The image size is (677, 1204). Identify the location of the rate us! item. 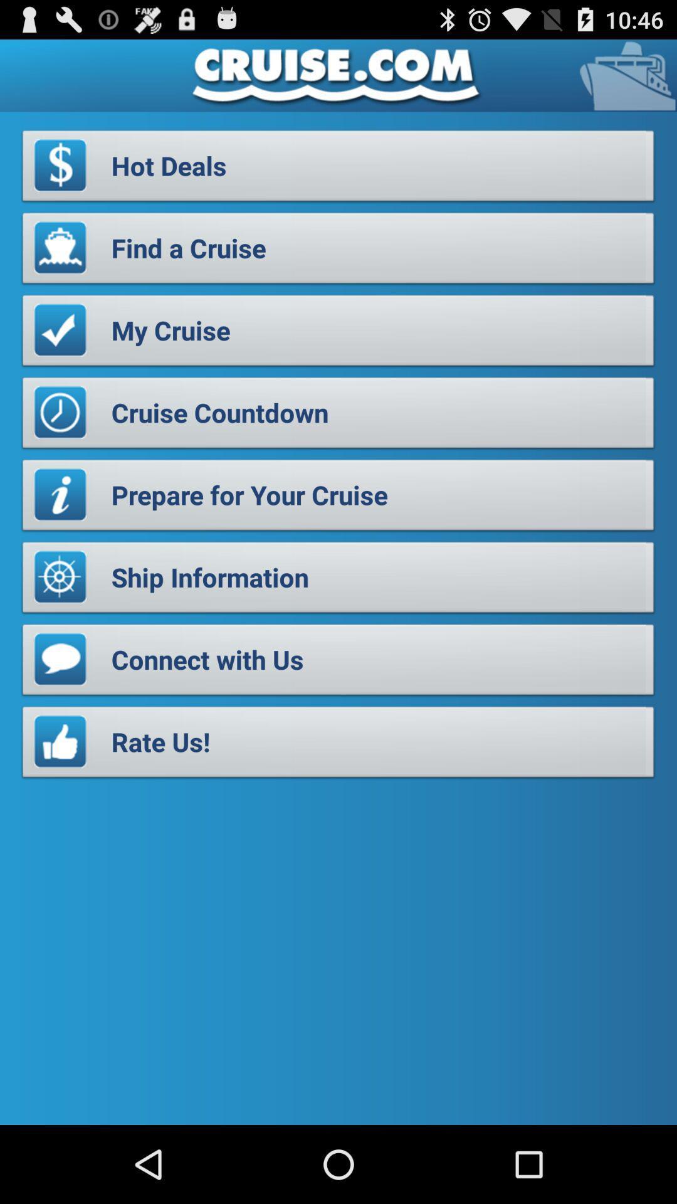
(338, 746).